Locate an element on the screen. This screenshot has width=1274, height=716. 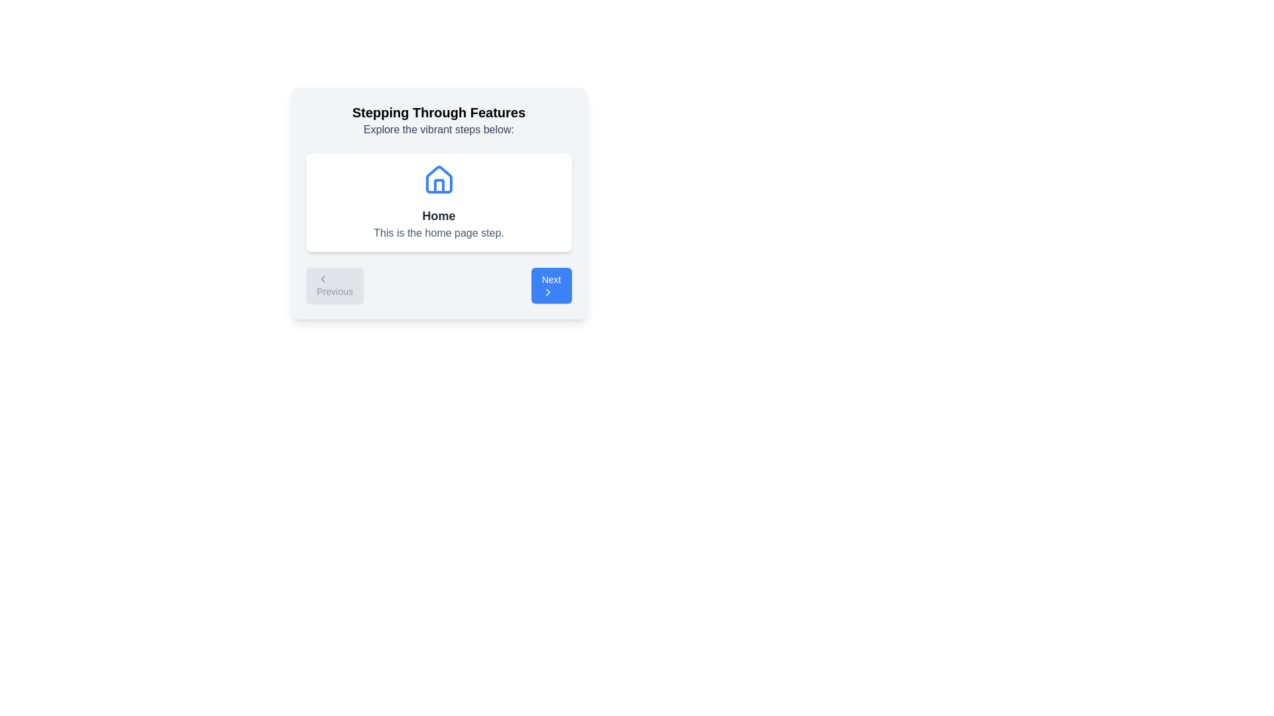
the blue-colored house icon with a two-line roof design, located in the center of the card section above the 'Home' label is located at coordinates (439, 180).